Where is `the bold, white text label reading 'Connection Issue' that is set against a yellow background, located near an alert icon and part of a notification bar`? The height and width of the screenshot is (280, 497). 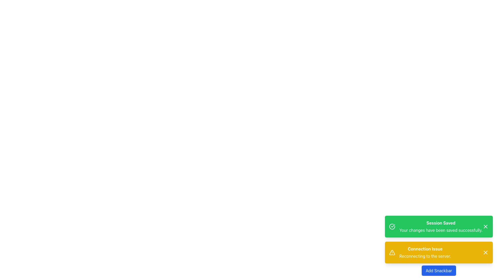 the bold, white text label reading 'Connection Issue' that is set against a yellow background, located near an alert icon and part of a notification bar is located at coordinates (425, 249).